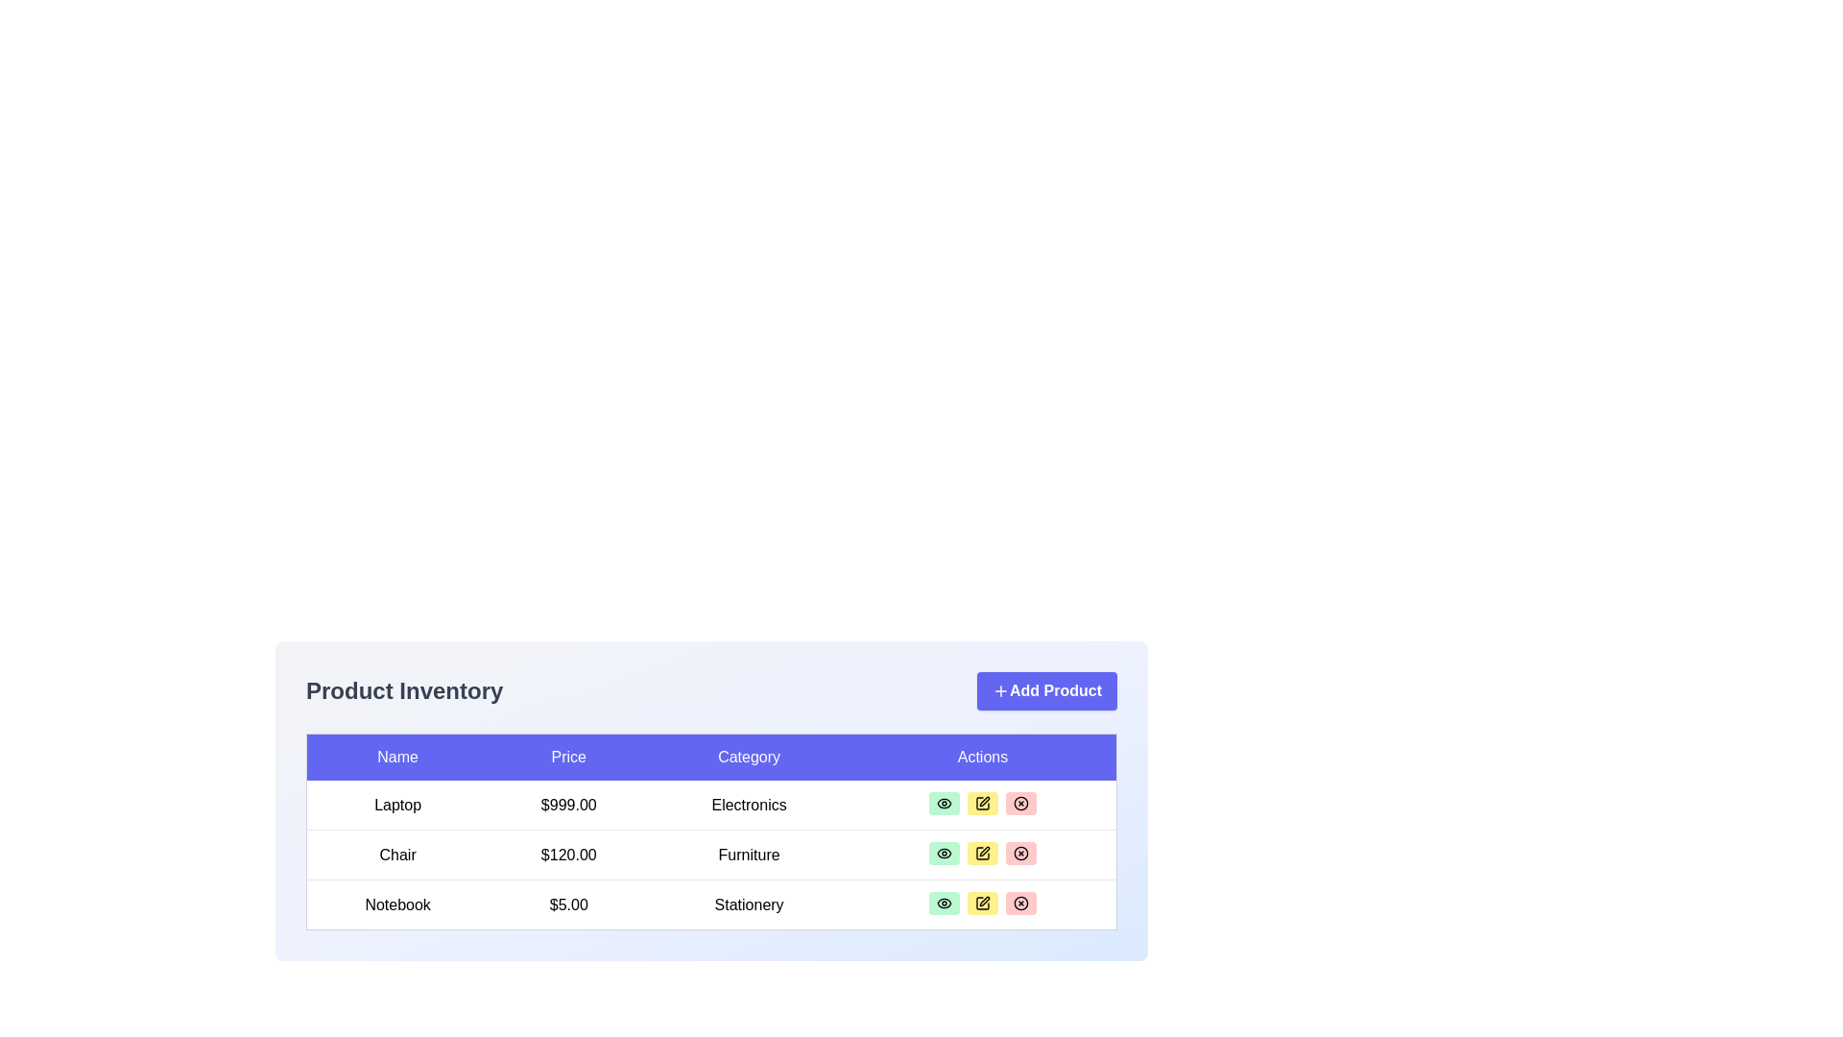 Image resolution: width=1843 pixels, height=1037 pixels. What do you see at coordinates (403, 691) in the screenshot?
I see `the static text label that serves as a title for the section related to managing products, located in the header area towards the left end, next to the 'Add Product' button` at bounding box center [403, 691].